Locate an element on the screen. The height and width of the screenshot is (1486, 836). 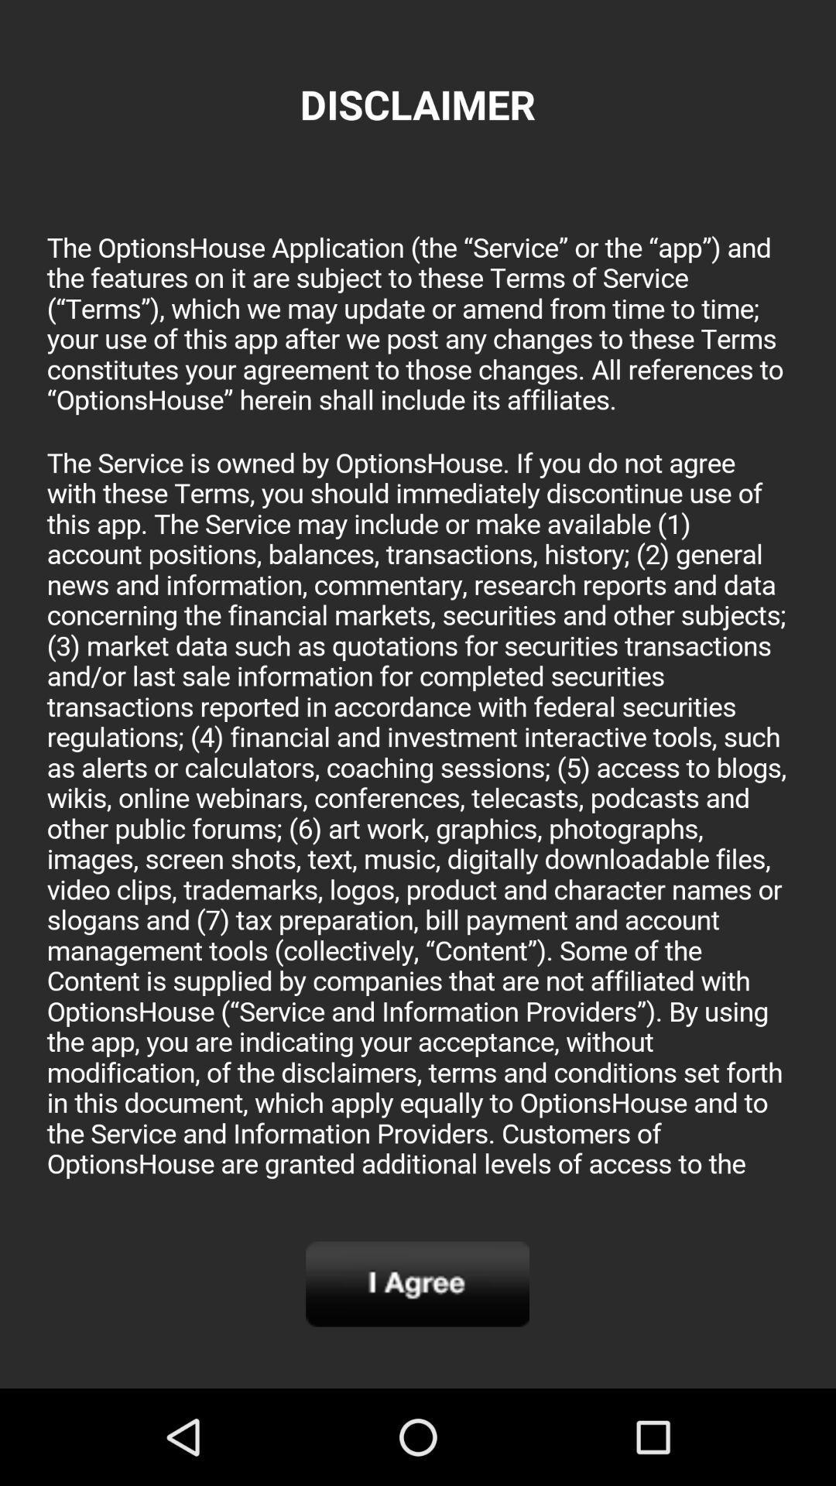
disclaimer is located at coordinates (418, 699).